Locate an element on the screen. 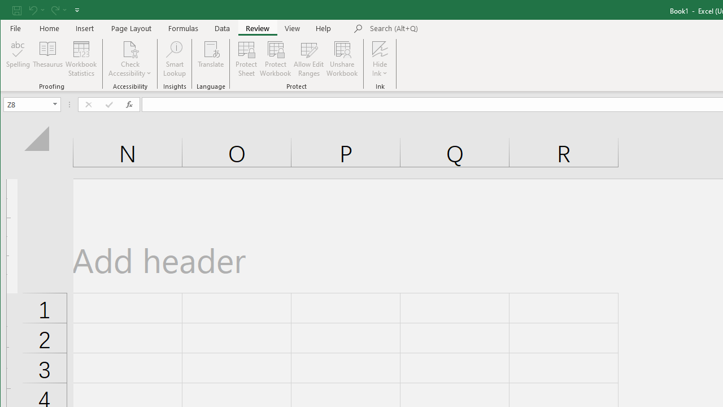  'Protect Sheet...' is located at coordinates (246, 59).